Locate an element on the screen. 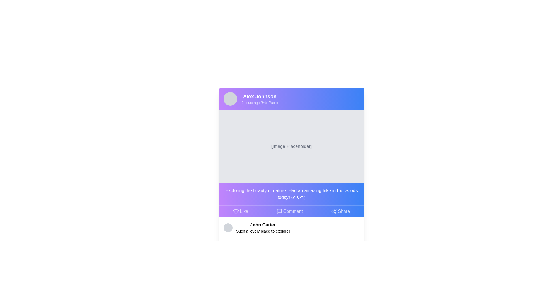  the speech bubble icon located to the left of the 'Comment' text is located at coordinates (279, 211).